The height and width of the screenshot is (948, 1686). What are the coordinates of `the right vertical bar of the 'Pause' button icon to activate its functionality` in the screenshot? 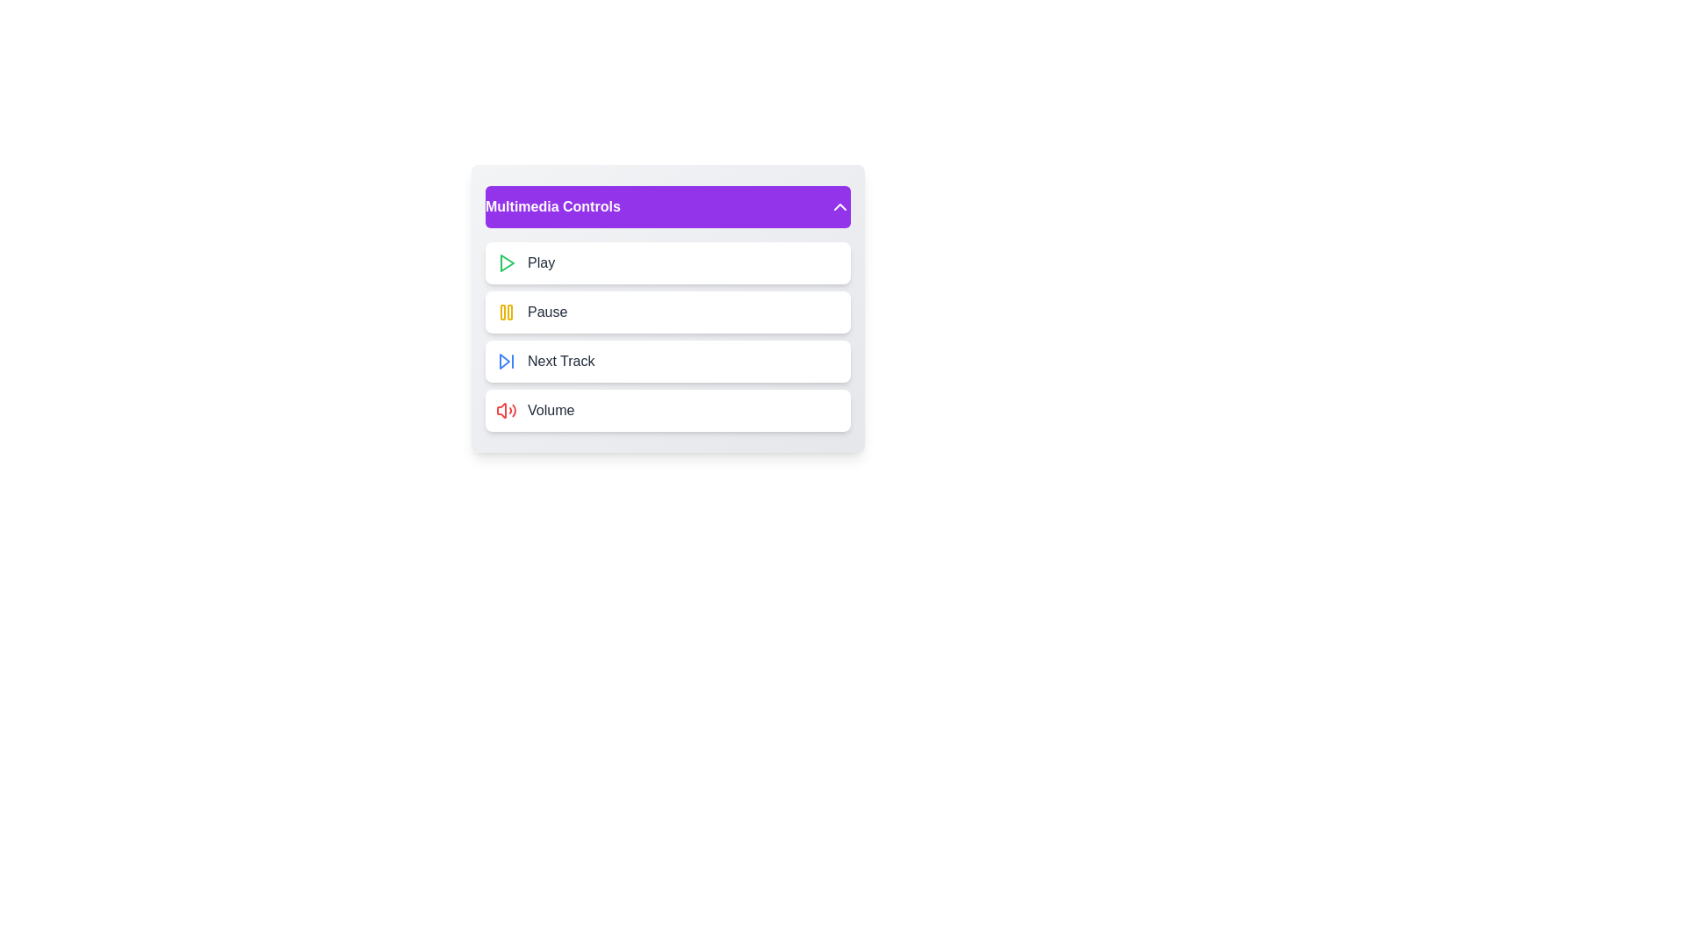 It's located at (508, 311).